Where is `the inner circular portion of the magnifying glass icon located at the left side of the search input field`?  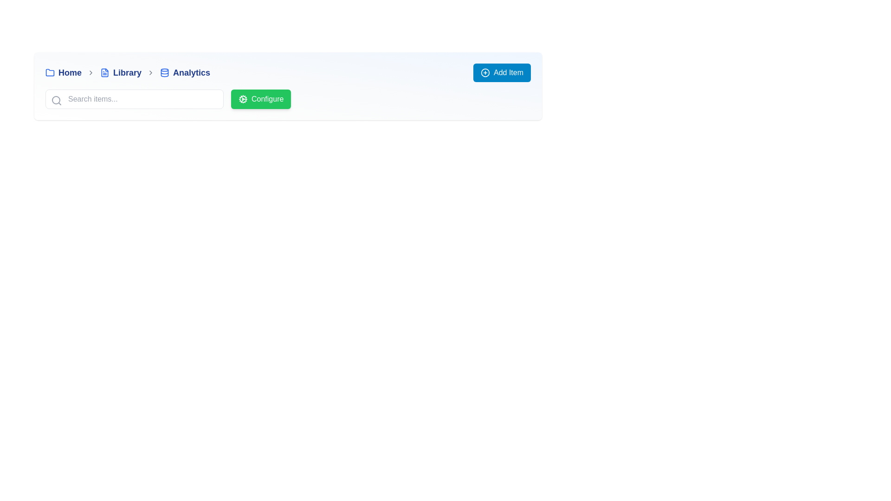 the inner circular portion of the magnifying glass icon located at the left side of the search input field is located at coordinates (55, 100).